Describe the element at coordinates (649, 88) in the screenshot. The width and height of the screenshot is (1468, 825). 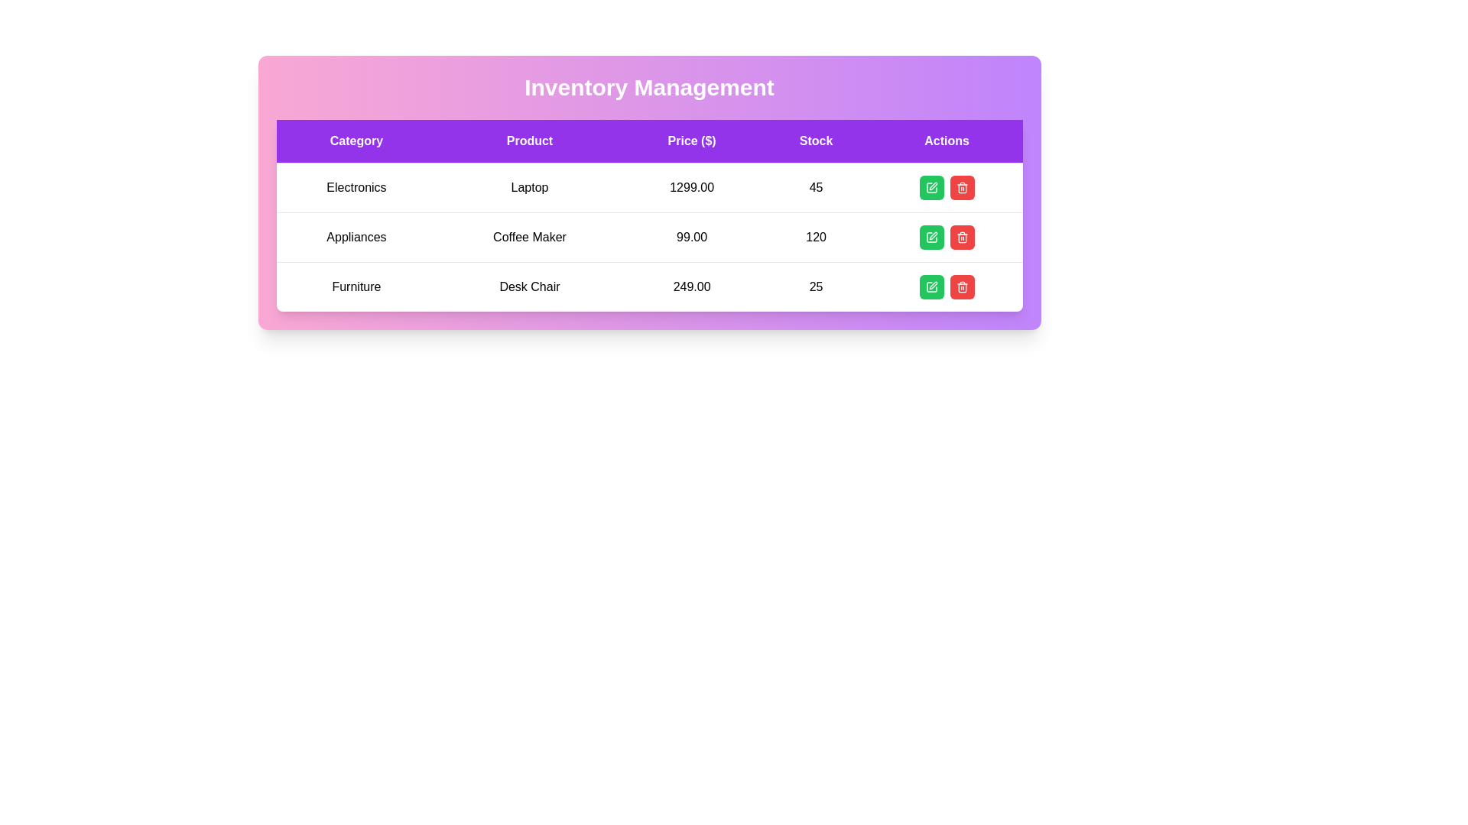
I see `the text element displaying 'Inventory Management'` at that location.